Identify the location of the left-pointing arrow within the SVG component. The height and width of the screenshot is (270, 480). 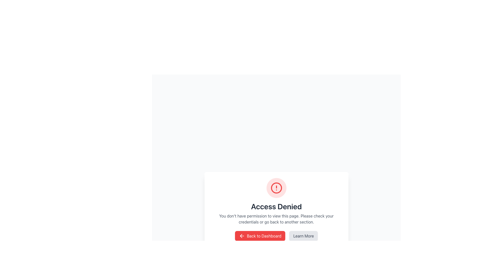
(241, 236).